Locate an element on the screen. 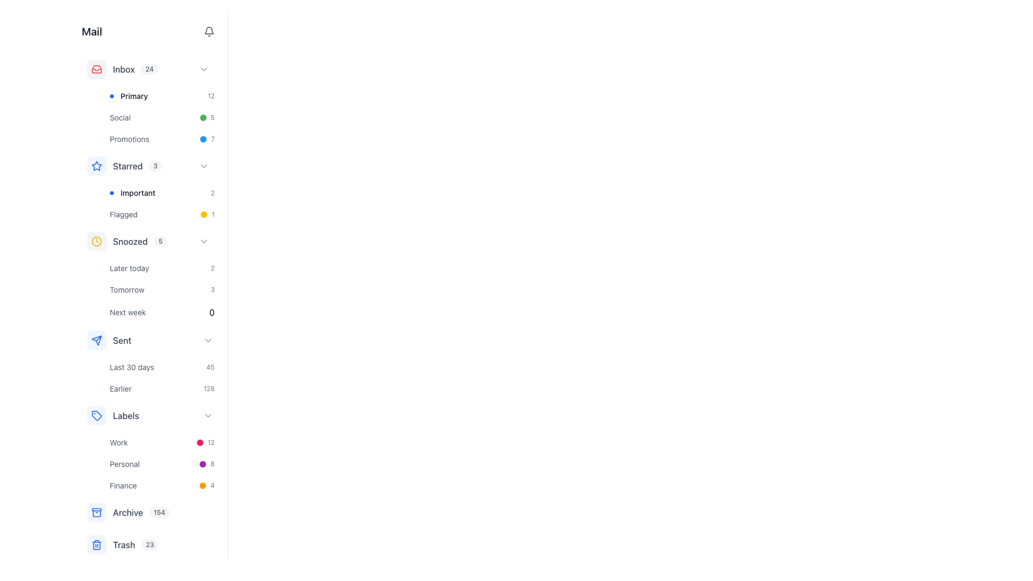 The width and height of the screenshot is (1033, 581). the 'Starred' icon located in the sidebar navigation menu, which is visually represented by a star symbol next to the 'Starred' text is located at coordinates (97, 166).